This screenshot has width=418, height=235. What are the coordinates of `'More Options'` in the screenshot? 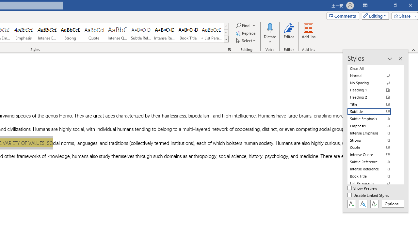 It's located at (270, 39).